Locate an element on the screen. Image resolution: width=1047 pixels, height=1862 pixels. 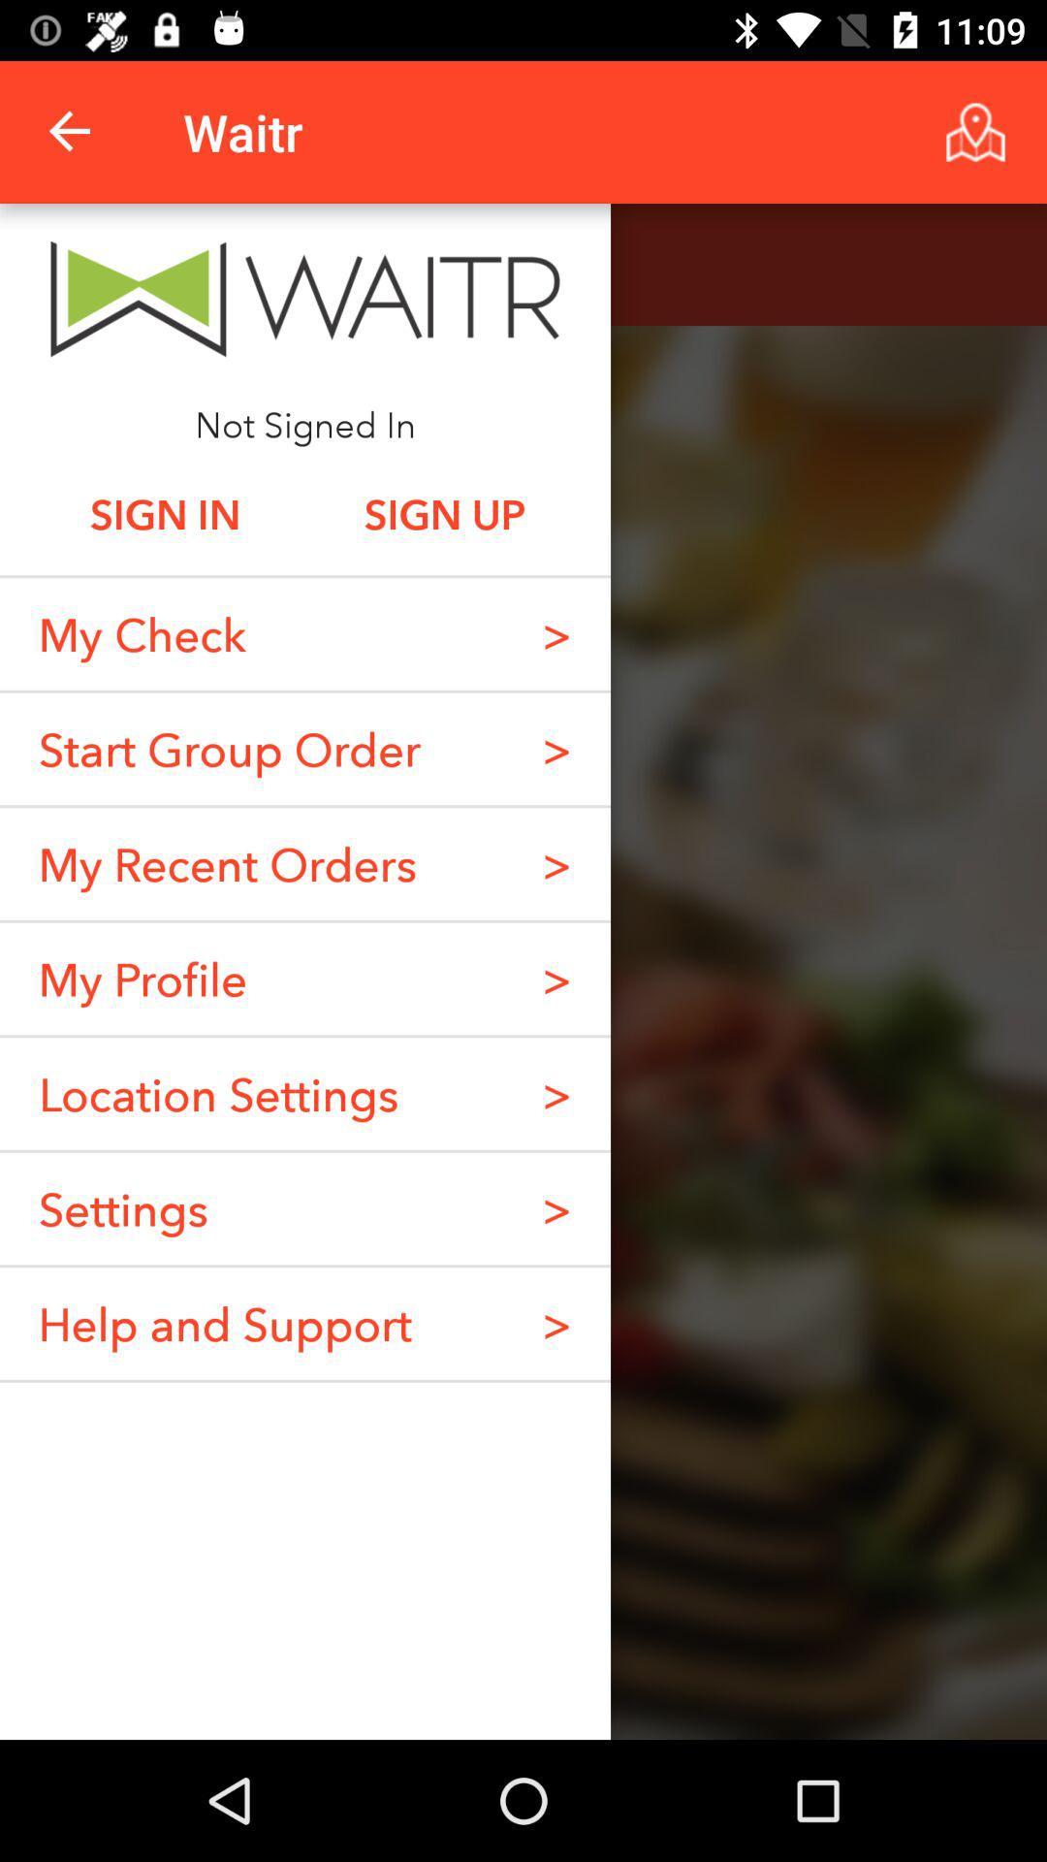
the icon to the right of my recent orders item is located at coordinates (556, 979).